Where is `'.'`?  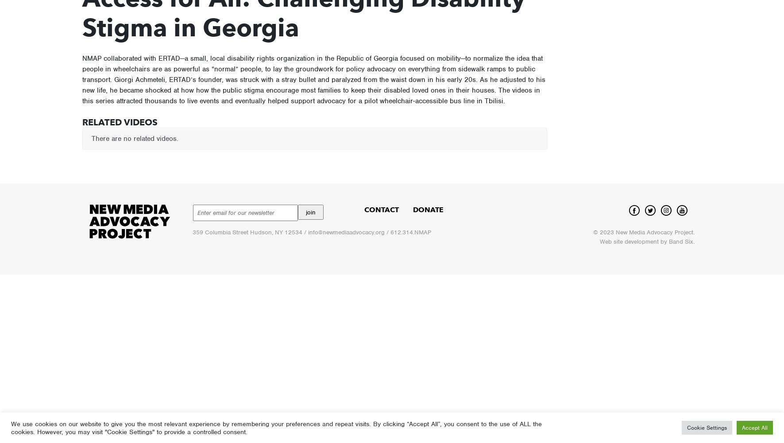
'.' is located at coordinates (692, 232).